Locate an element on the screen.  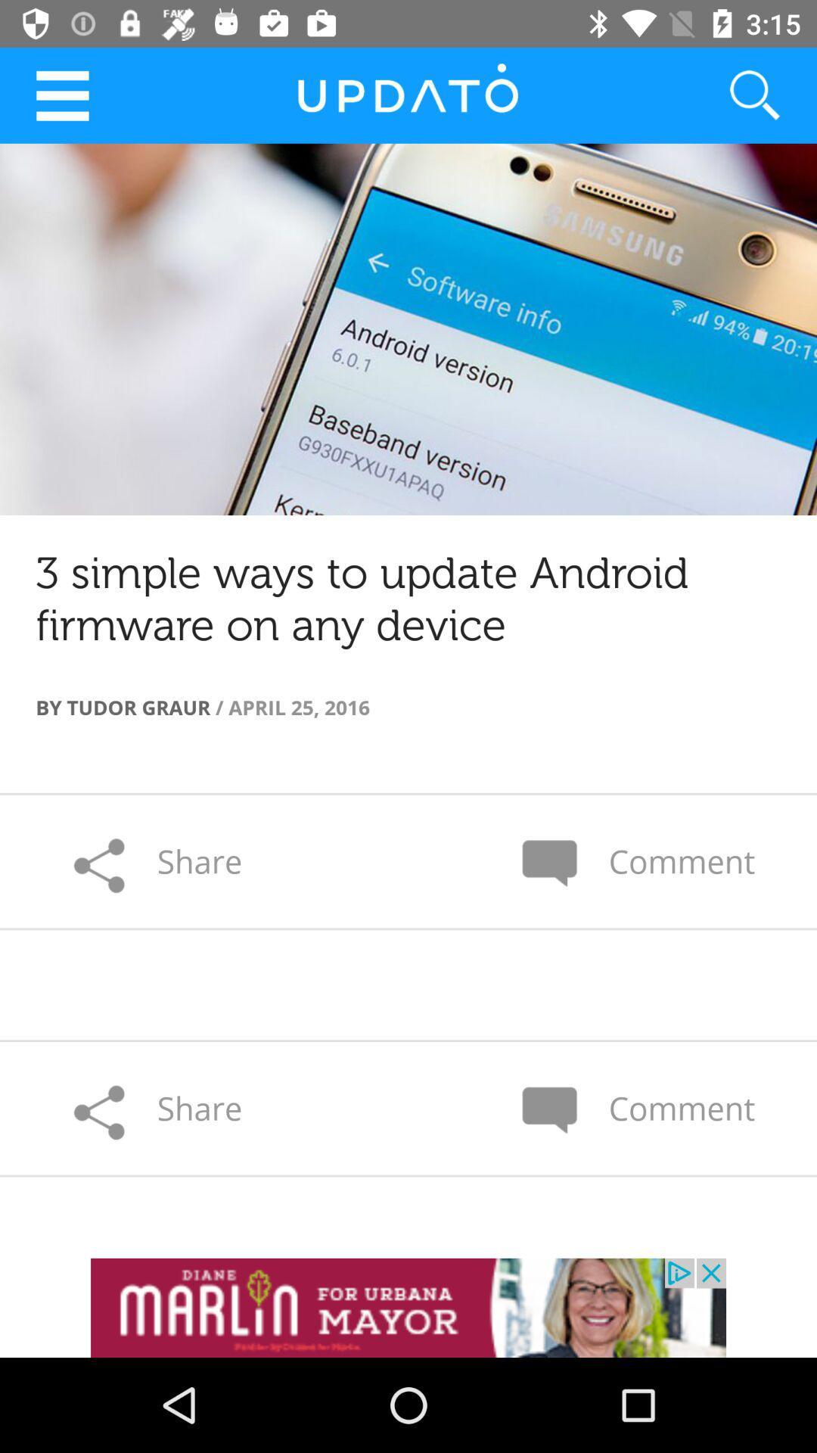
the menu icon is located at coordinates (61, 95).